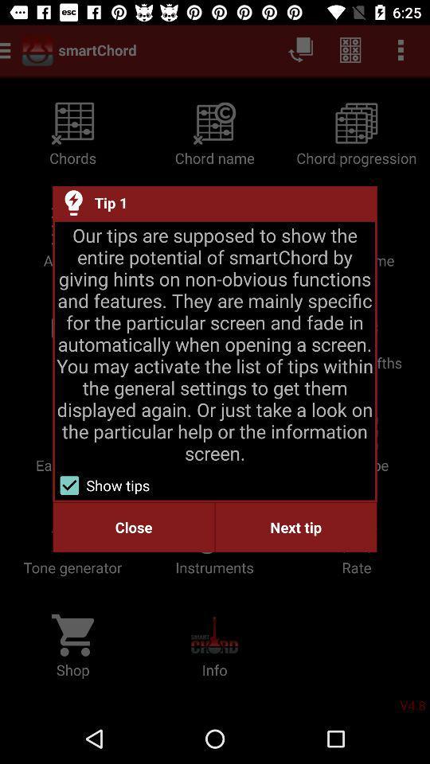 The height and width of the screenshot is (764, 430). I want to click on close, so click(133, 527).